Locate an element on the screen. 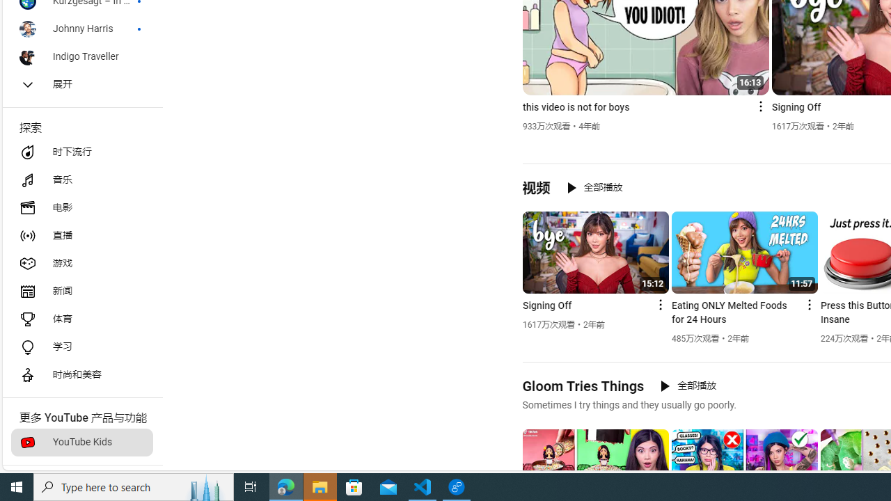  'YouTube Kids' is located at coordinates (81, 443).